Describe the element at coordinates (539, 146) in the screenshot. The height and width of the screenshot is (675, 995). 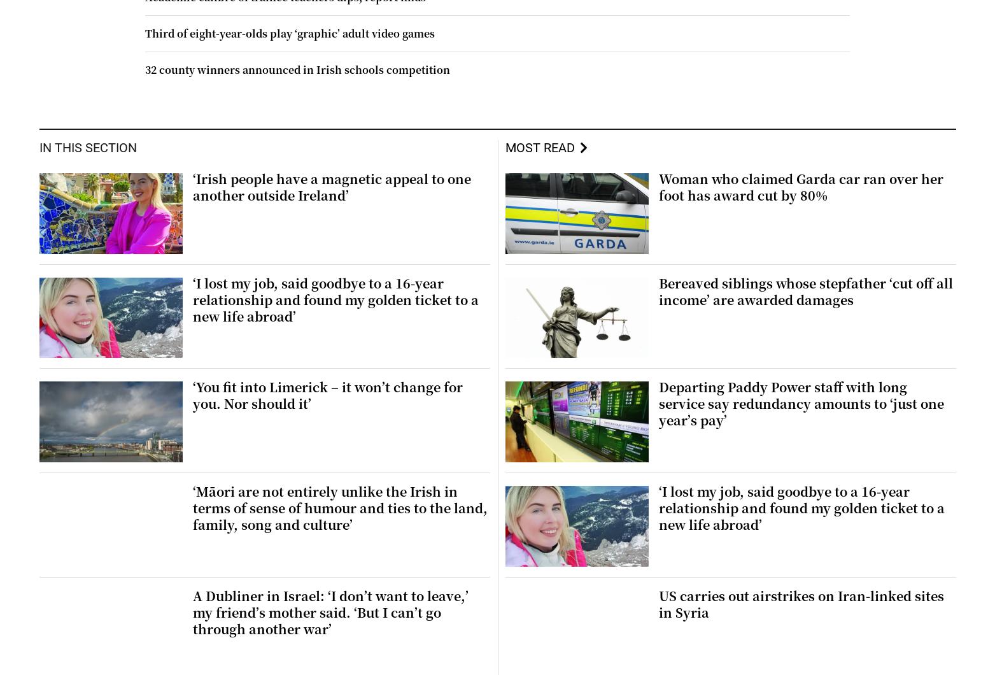
I see `'MOST READ'` at that location.